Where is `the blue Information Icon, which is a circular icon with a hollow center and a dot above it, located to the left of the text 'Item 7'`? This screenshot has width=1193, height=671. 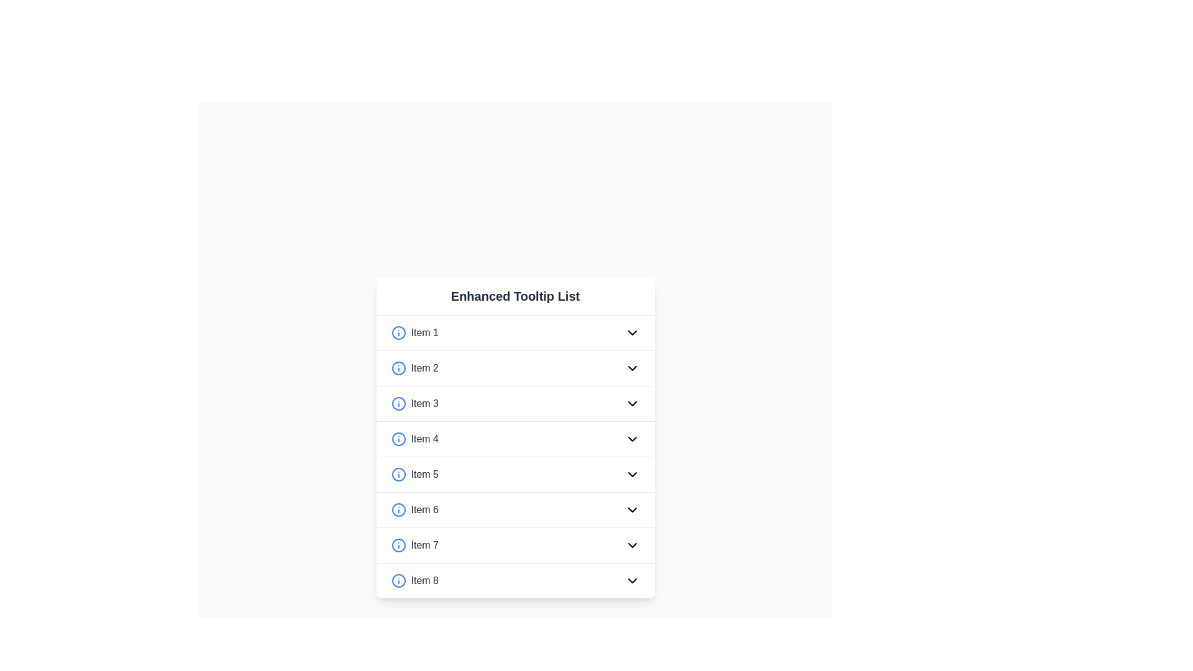
the blue Information Icon, which is a circular icon with a hollow center and a dot above it, located to the left of the text 'Item 7' is located at coordinates (398, 545).